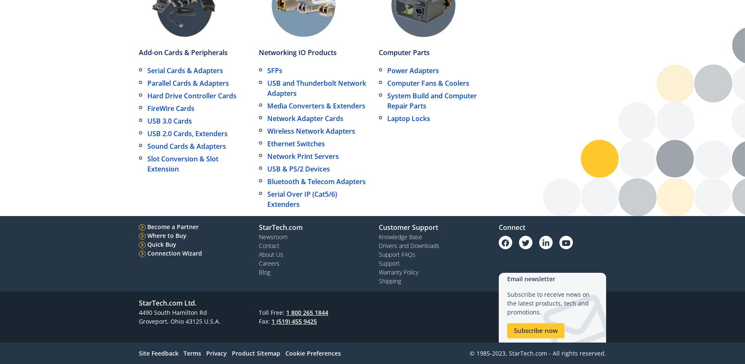 The image size is (745, 364). I want to click on '1 800 265 1844', so click(306, 311).